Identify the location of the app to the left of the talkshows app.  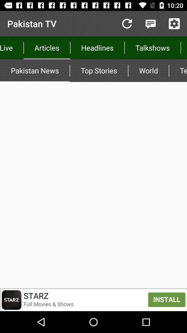
(97, 47).